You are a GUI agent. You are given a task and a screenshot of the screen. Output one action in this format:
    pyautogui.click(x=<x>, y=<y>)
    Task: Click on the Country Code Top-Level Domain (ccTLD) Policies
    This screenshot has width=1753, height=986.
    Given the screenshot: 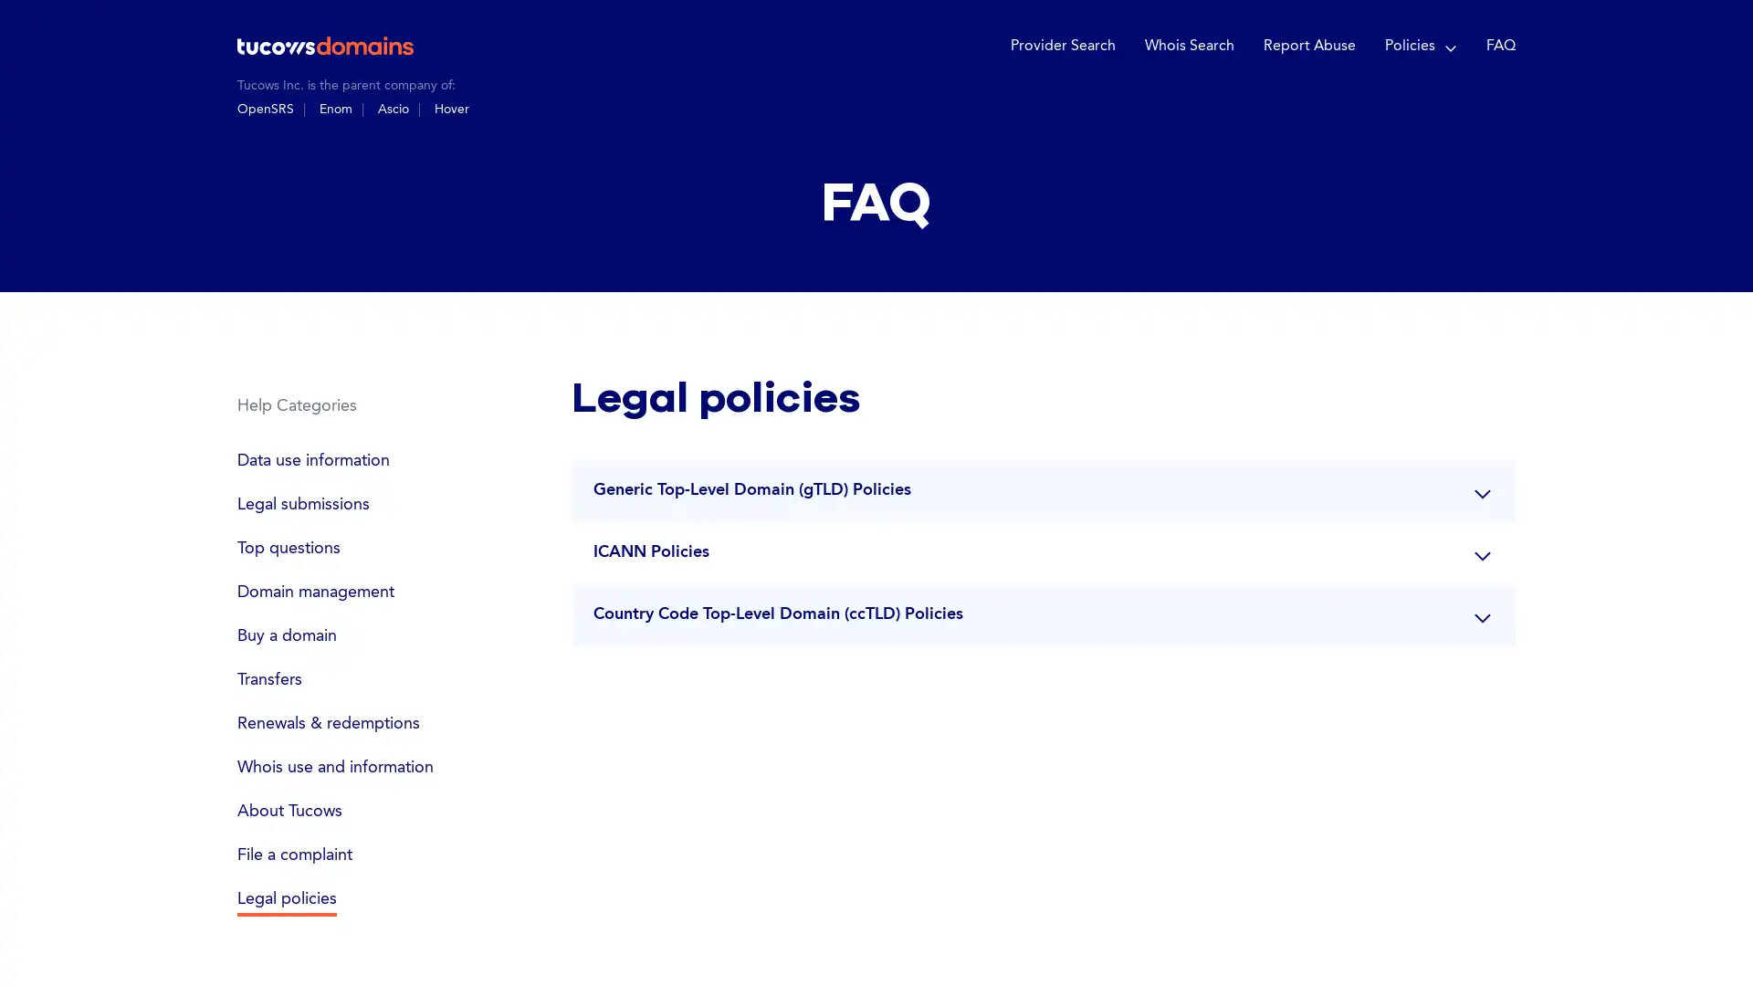 What is the action you would take?
    pyautogui.click(x=1043, y=613)
    